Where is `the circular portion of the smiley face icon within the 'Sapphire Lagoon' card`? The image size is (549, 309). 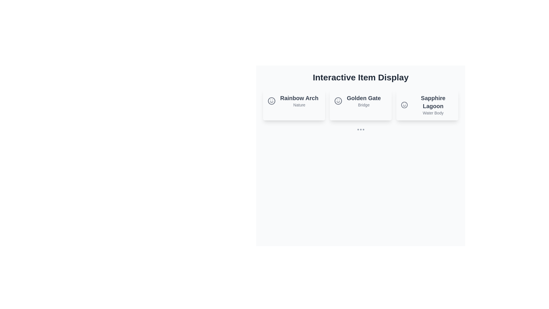
the circular portion of the smiley face icon within the 'Sapphire Lagoon' card is located at coordinates (404, 105).